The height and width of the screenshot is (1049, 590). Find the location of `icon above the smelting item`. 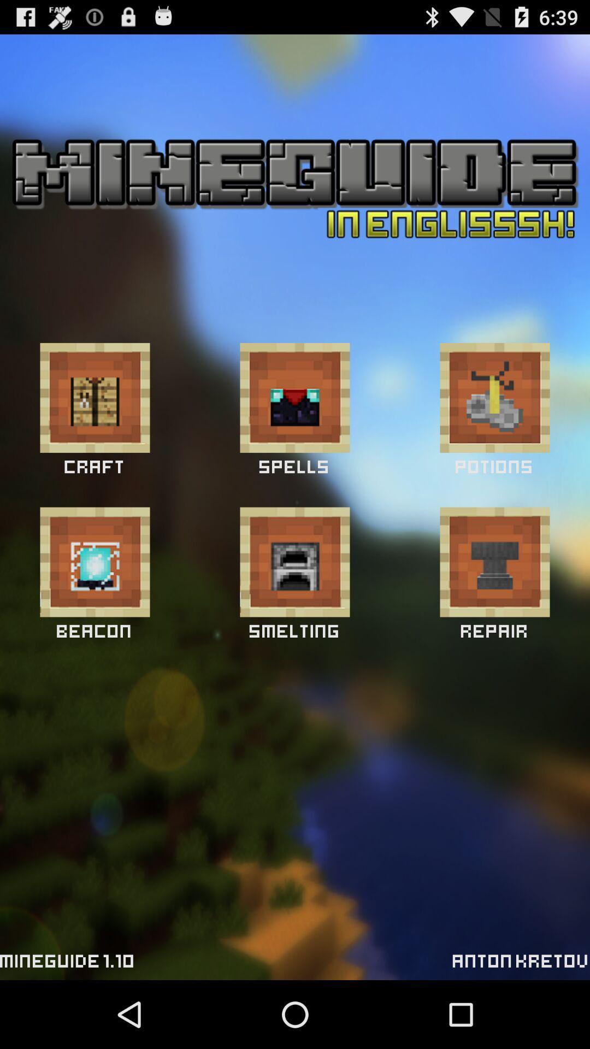

icon above the smelting item is located at coordinates (295, 562).